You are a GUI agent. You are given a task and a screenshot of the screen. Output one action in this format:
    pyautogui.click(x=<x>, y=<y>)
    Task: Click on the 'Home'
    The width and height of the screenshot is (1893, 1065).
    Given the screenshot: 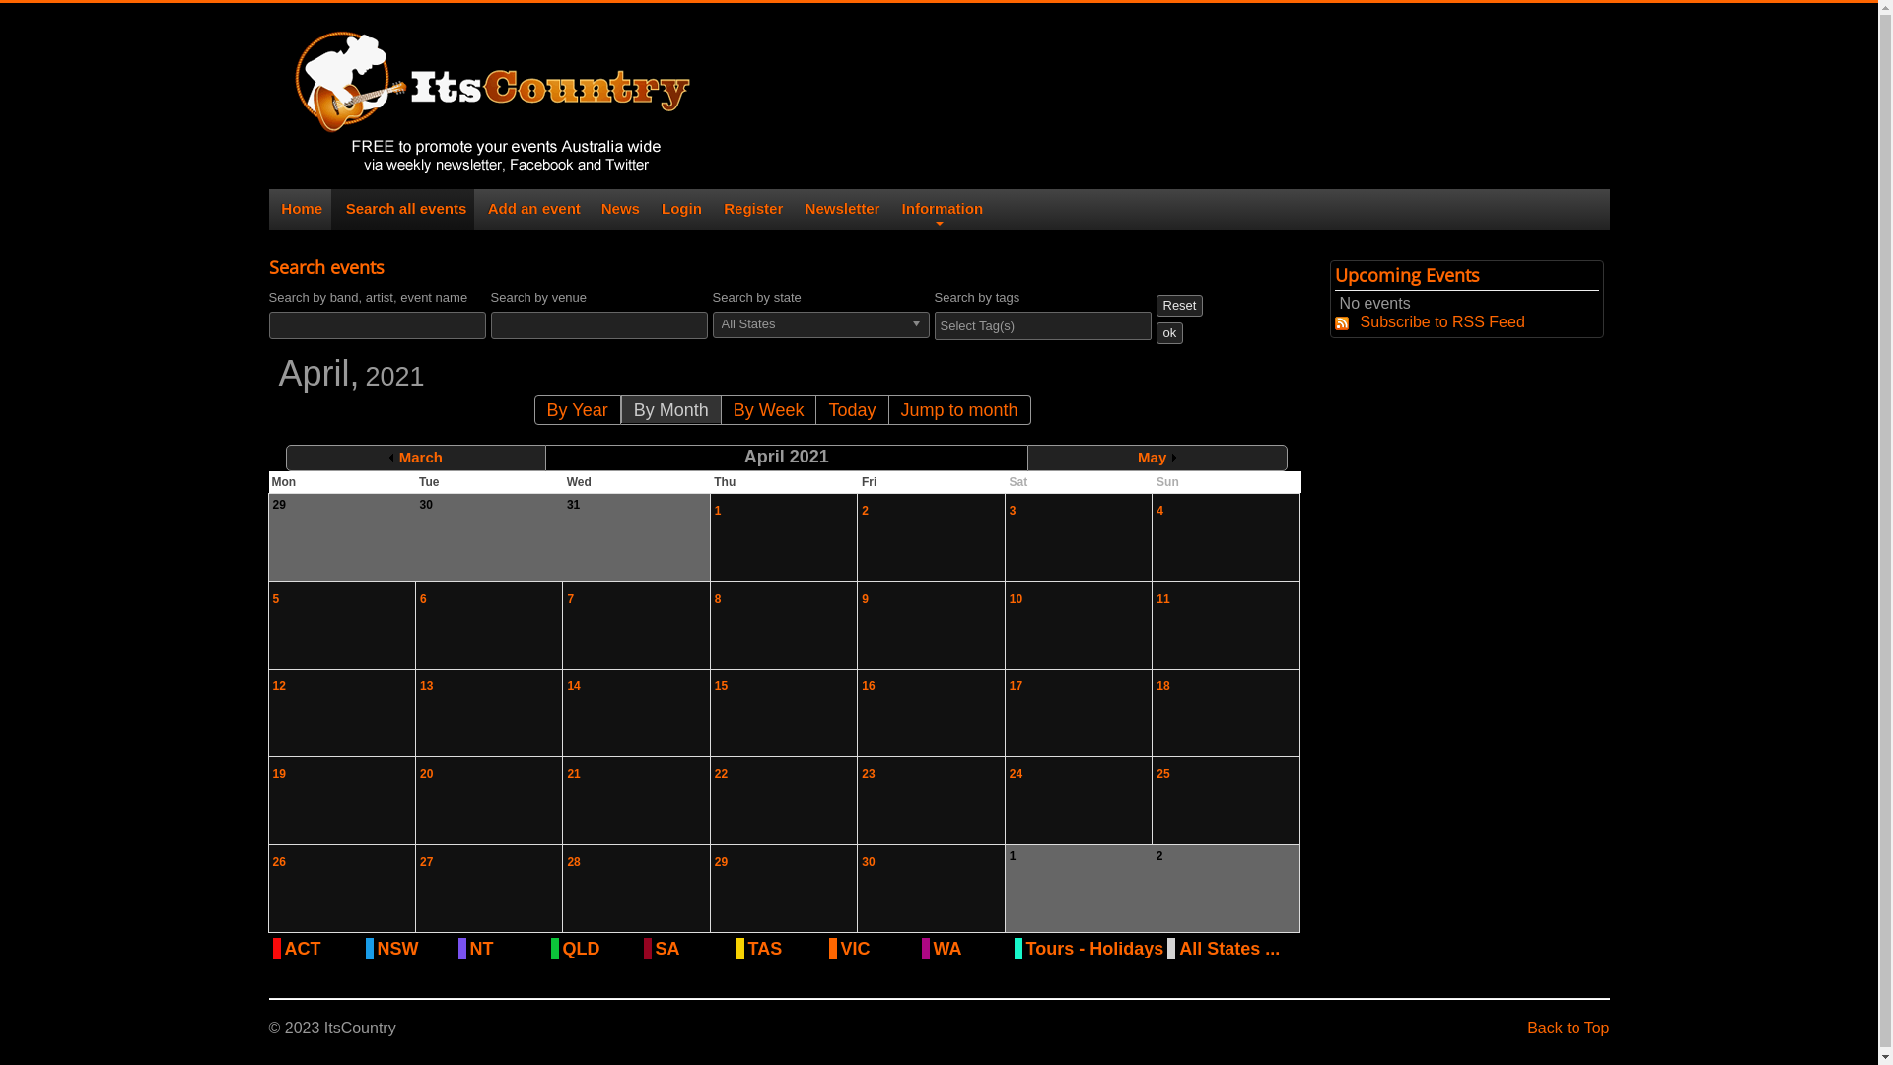 What is the action you would take?
    pyautogui.click(x=278, y=209)
    